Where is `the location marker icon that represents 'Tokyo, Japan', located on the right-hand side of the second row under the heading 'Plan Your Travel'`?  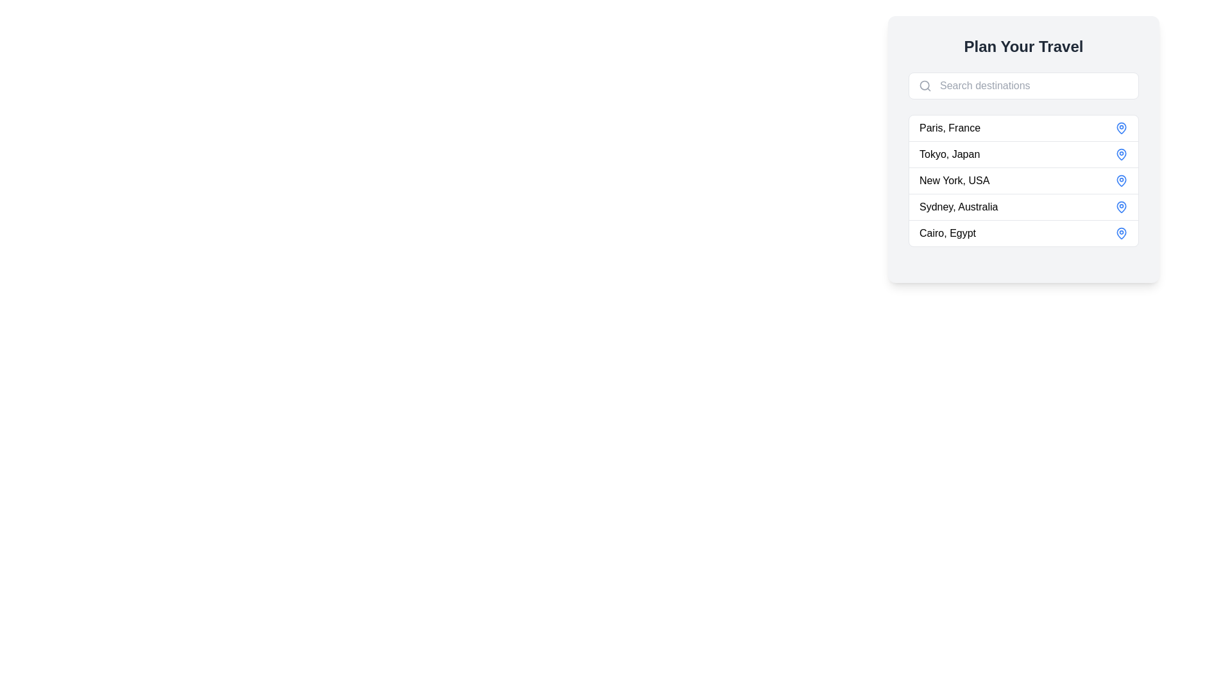 the location marker icon that represents 'Tokyo, Japan', located on the right-hand side of the second row under the heading 'Plan Your Travel' is located at coordinates (1120, 153).